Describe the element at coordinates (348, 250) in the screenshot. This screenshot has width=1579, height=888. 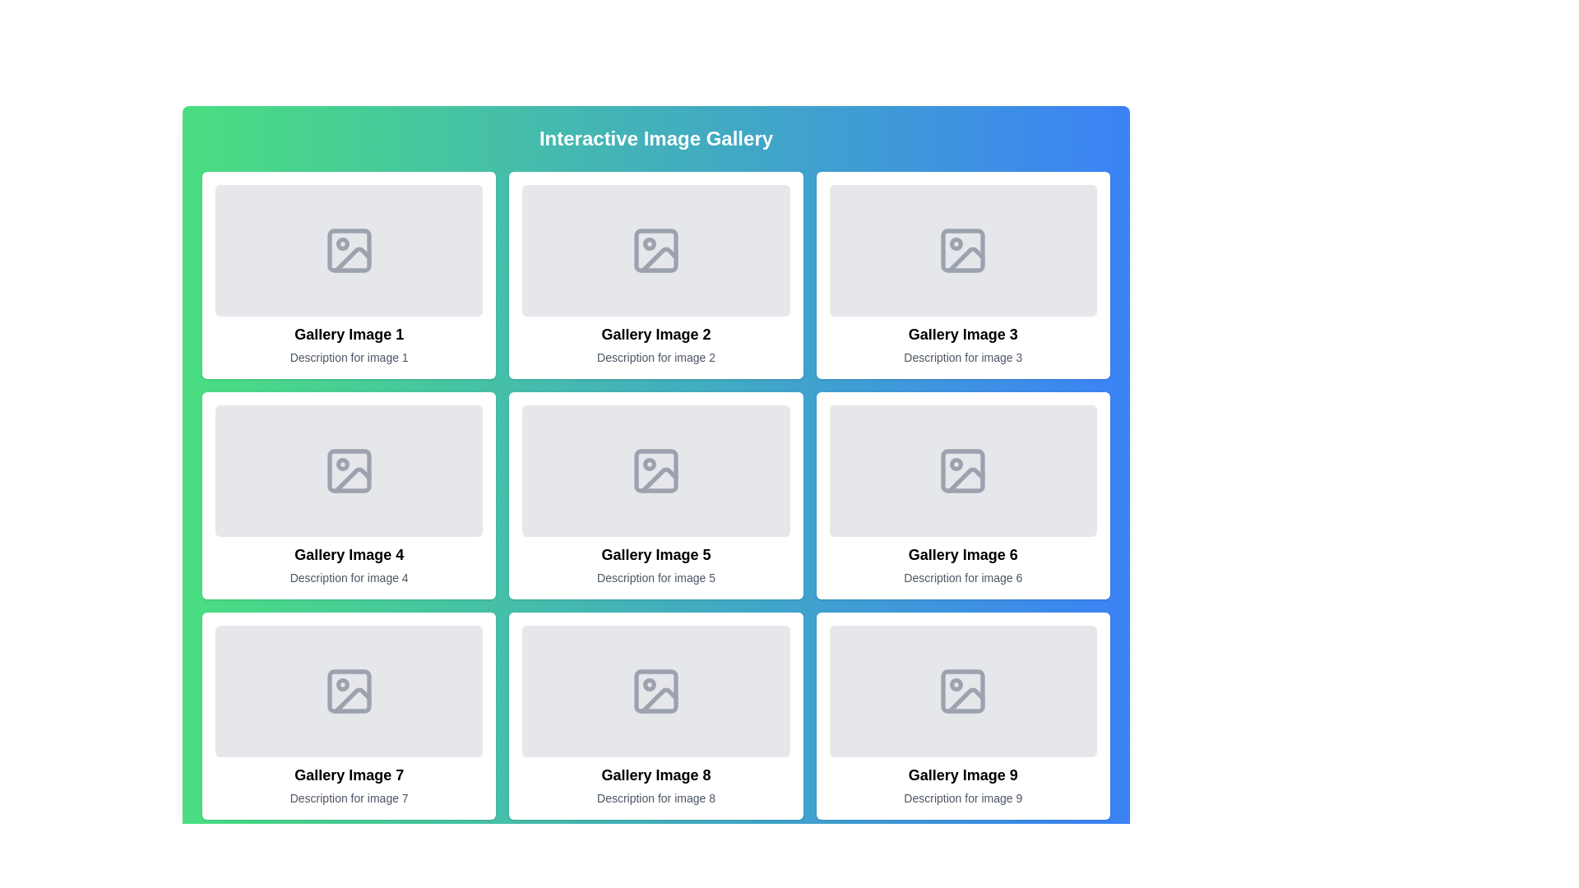
I see `the interactive placeholder for 'Gallery Image 1'` at that location.